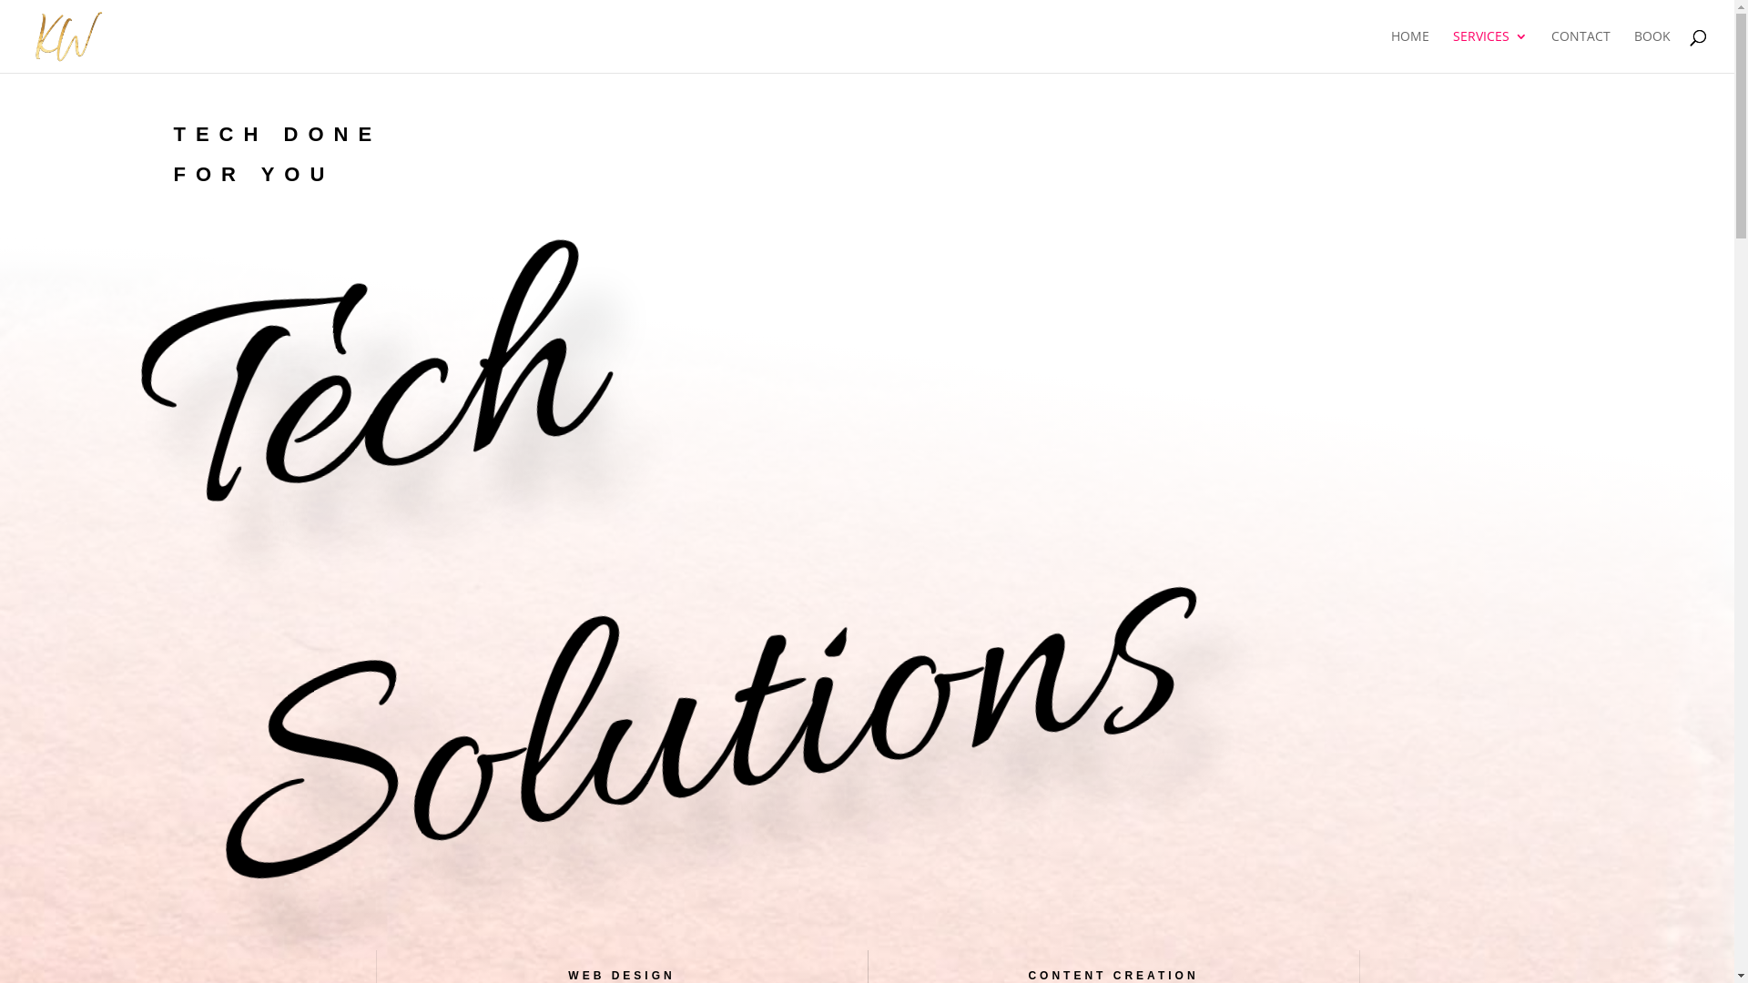  Describe the element at coordinates (1651, 50) in the screenshot. I see `'BOOK'` at that location.